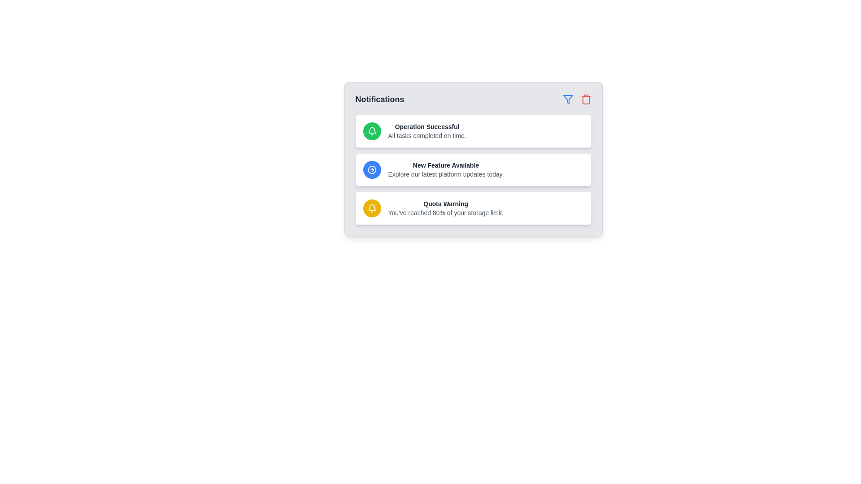 This screenshot has width=861, height=484. Describe the element at coordinates (372, 131) in the screenshot. I see `the bell-shaped SVG graphic icon within the notification card` at that location.